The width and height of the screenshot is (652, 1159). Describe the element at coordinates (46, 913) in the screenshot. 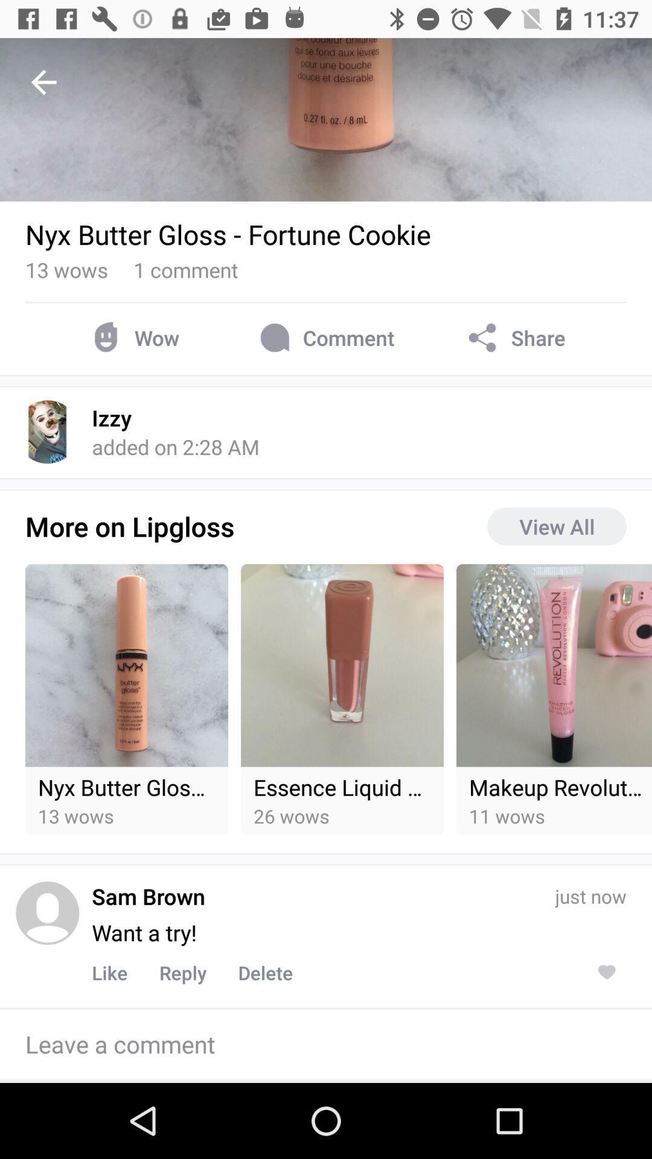

I see `user page` at that location.